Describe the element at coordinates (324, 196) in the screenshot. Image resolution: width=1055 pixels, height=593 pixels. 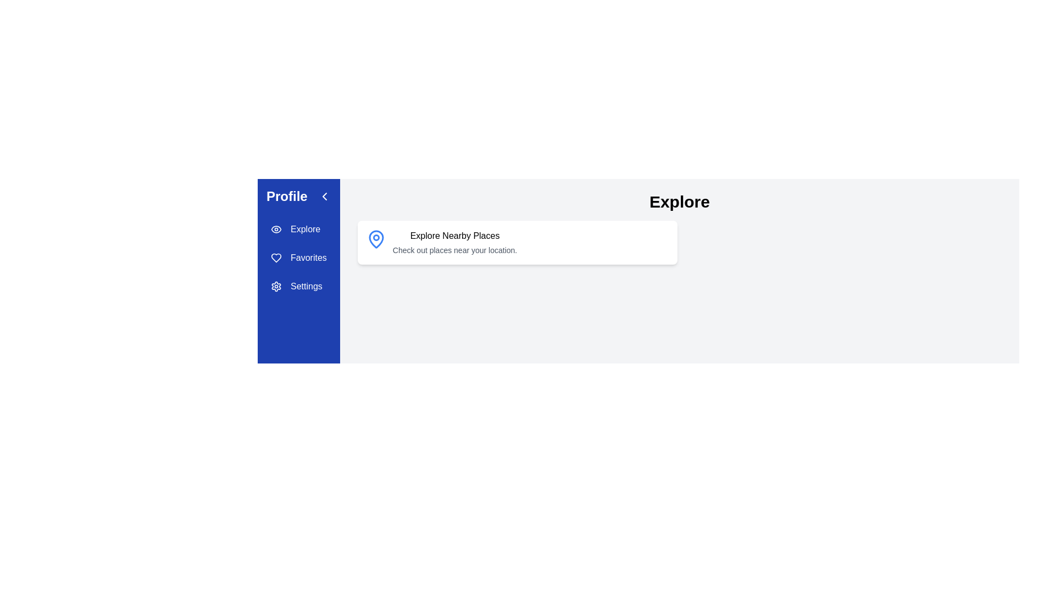
I see `the chevron-shaped icon pointing left, which is located in the sidebar menu adjacent to the 'Profile' heading` at that location.